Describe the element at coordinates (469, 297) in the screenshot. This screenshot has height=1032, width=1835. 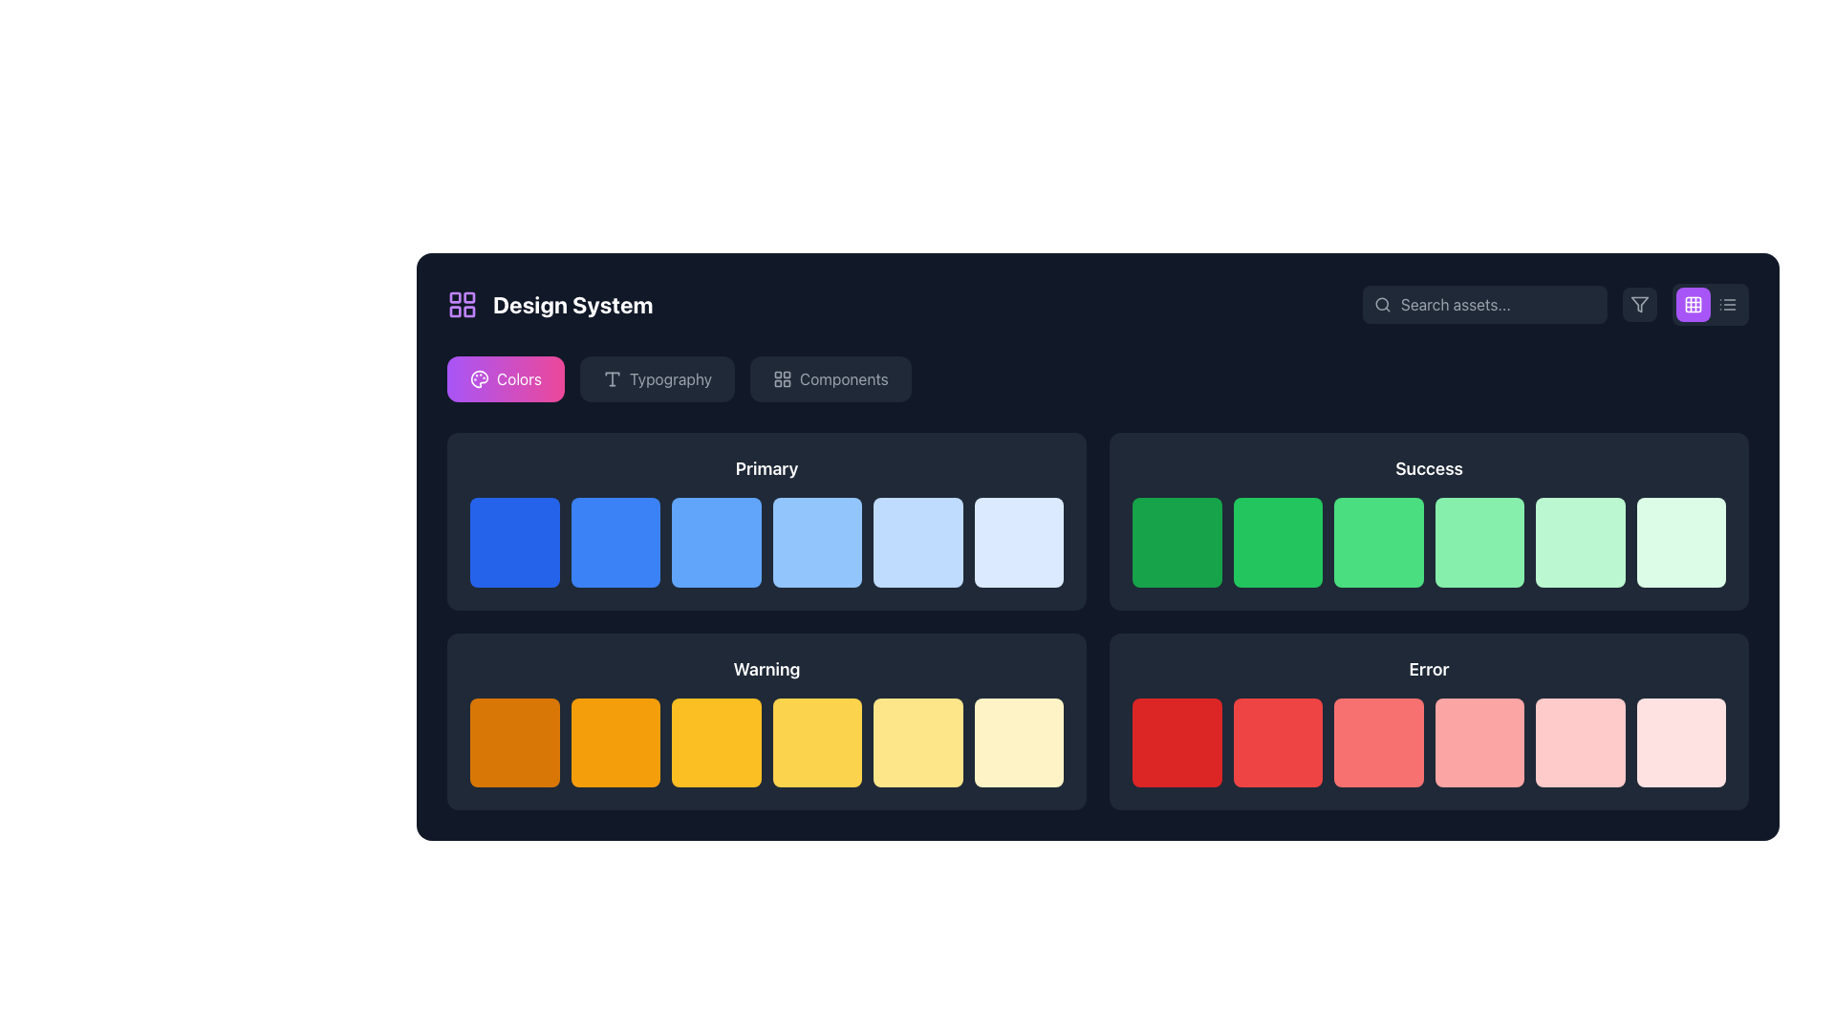
I see `the top-right square of the 2x2 grid layout, which is part of the larger grid icon used for navigation or categorization, located near the title 'Design System'` at that location.